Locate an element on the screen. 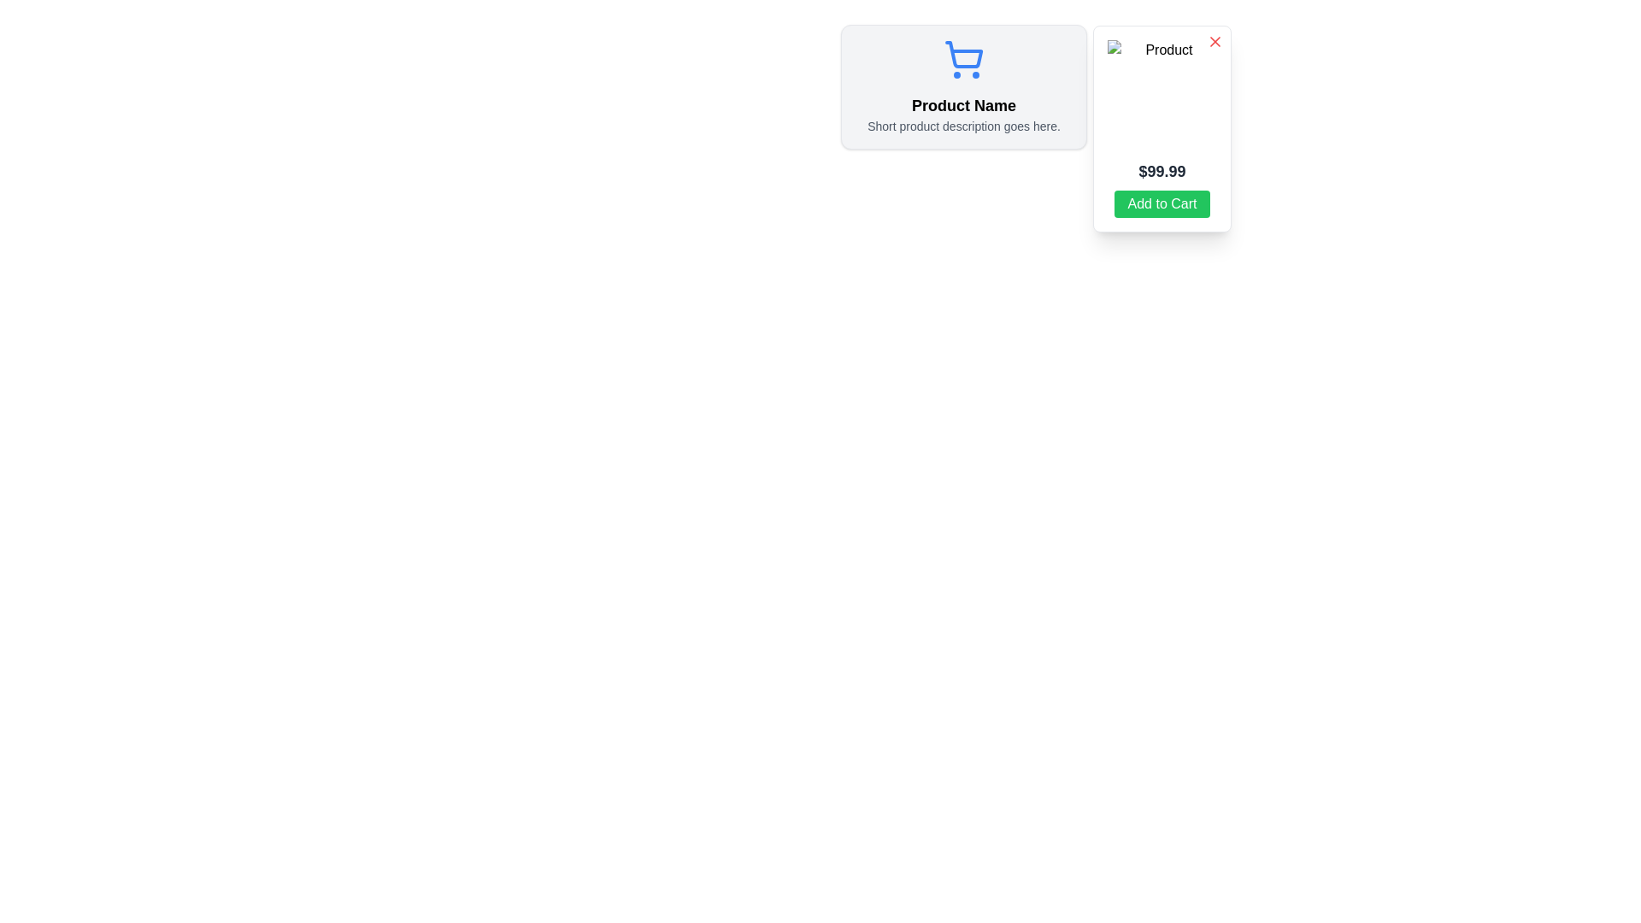 The image size is (1641, 923). the rectangular green button with rounded edges and white text reading 'Add to Cart' located below the price '$99.99' in the popup card is located at coordinates (1162, 203).